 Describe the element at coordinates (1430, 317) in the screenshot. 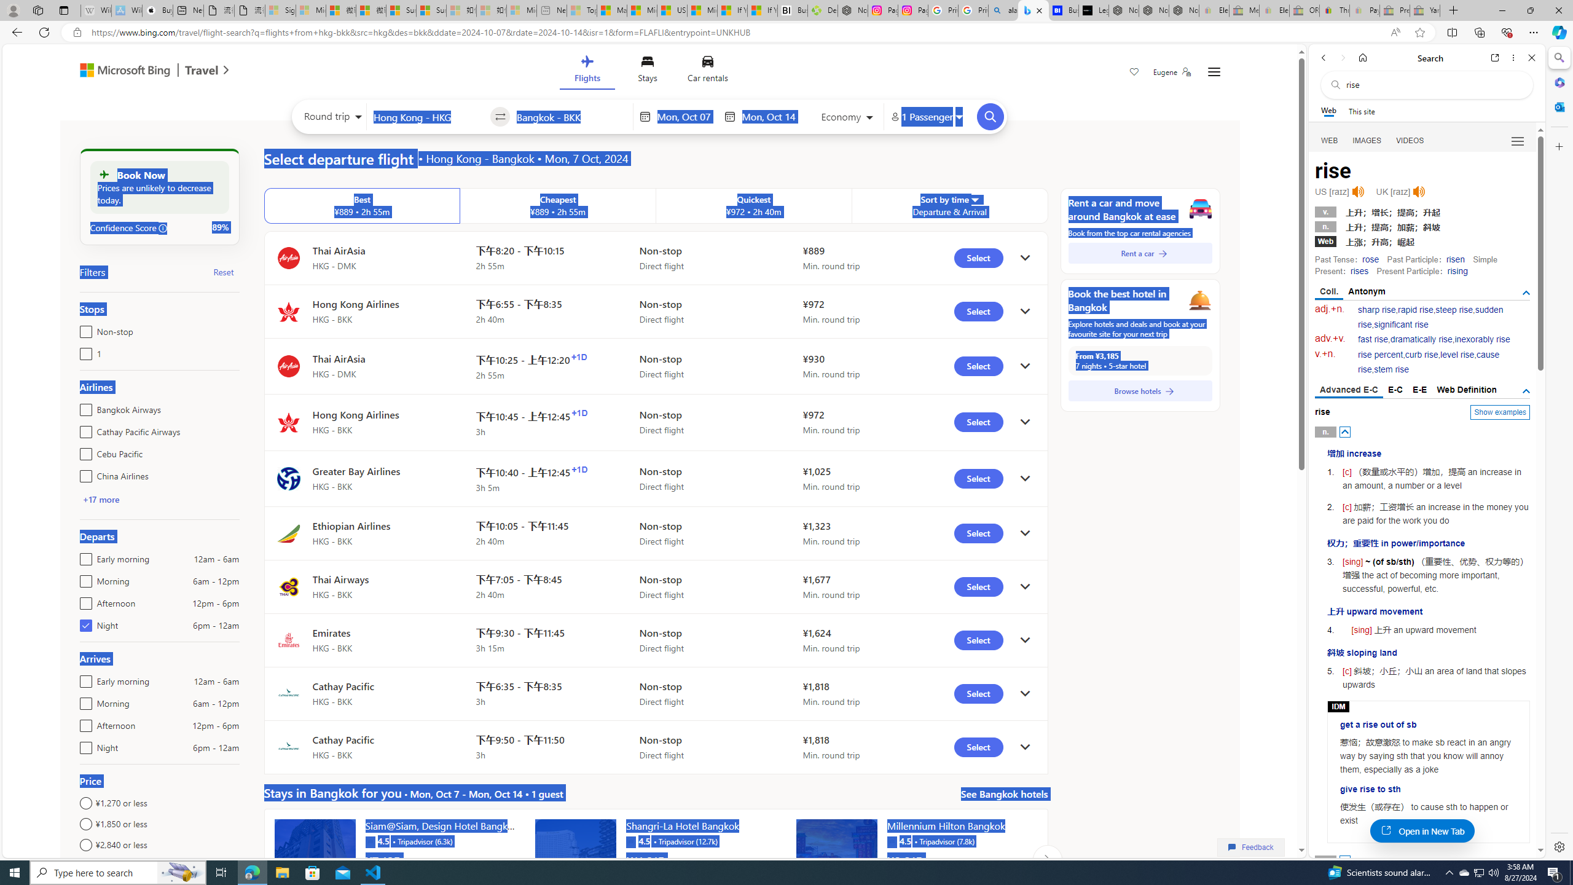

I see `'sudden rise'` at that location.